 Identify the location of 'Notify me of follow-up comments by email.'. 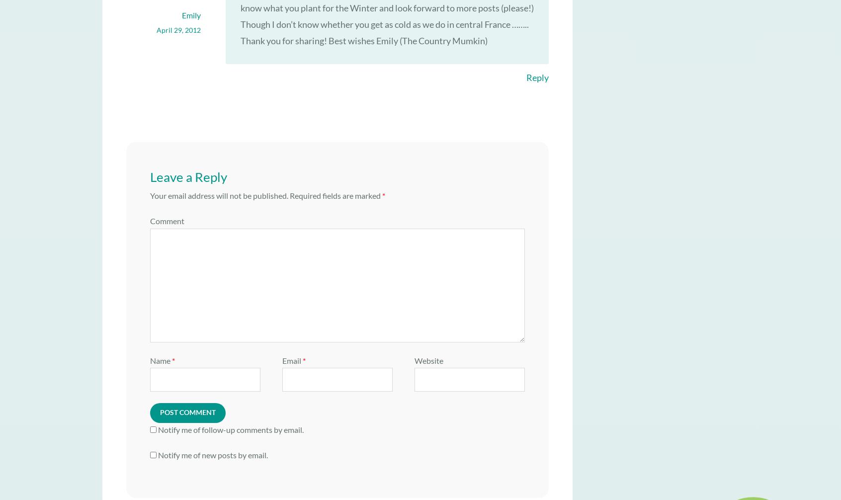
(230, 428).